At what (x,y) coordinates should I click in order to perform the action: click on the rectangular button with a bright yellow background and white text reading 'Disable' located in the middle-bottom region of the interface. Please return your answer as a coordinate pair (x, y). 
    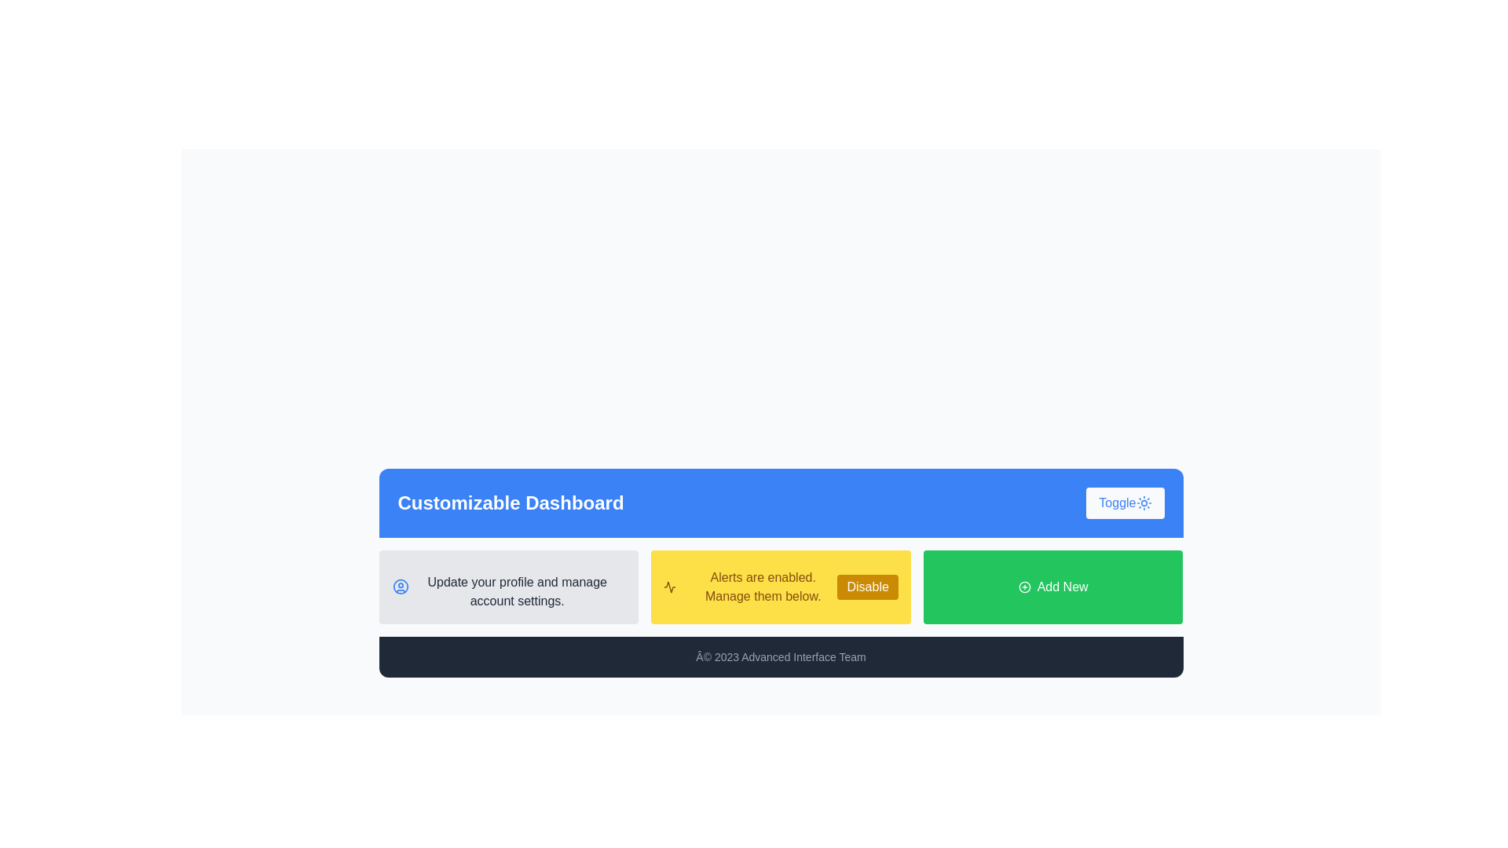
    Looking at the image, I should click on (867, 587).